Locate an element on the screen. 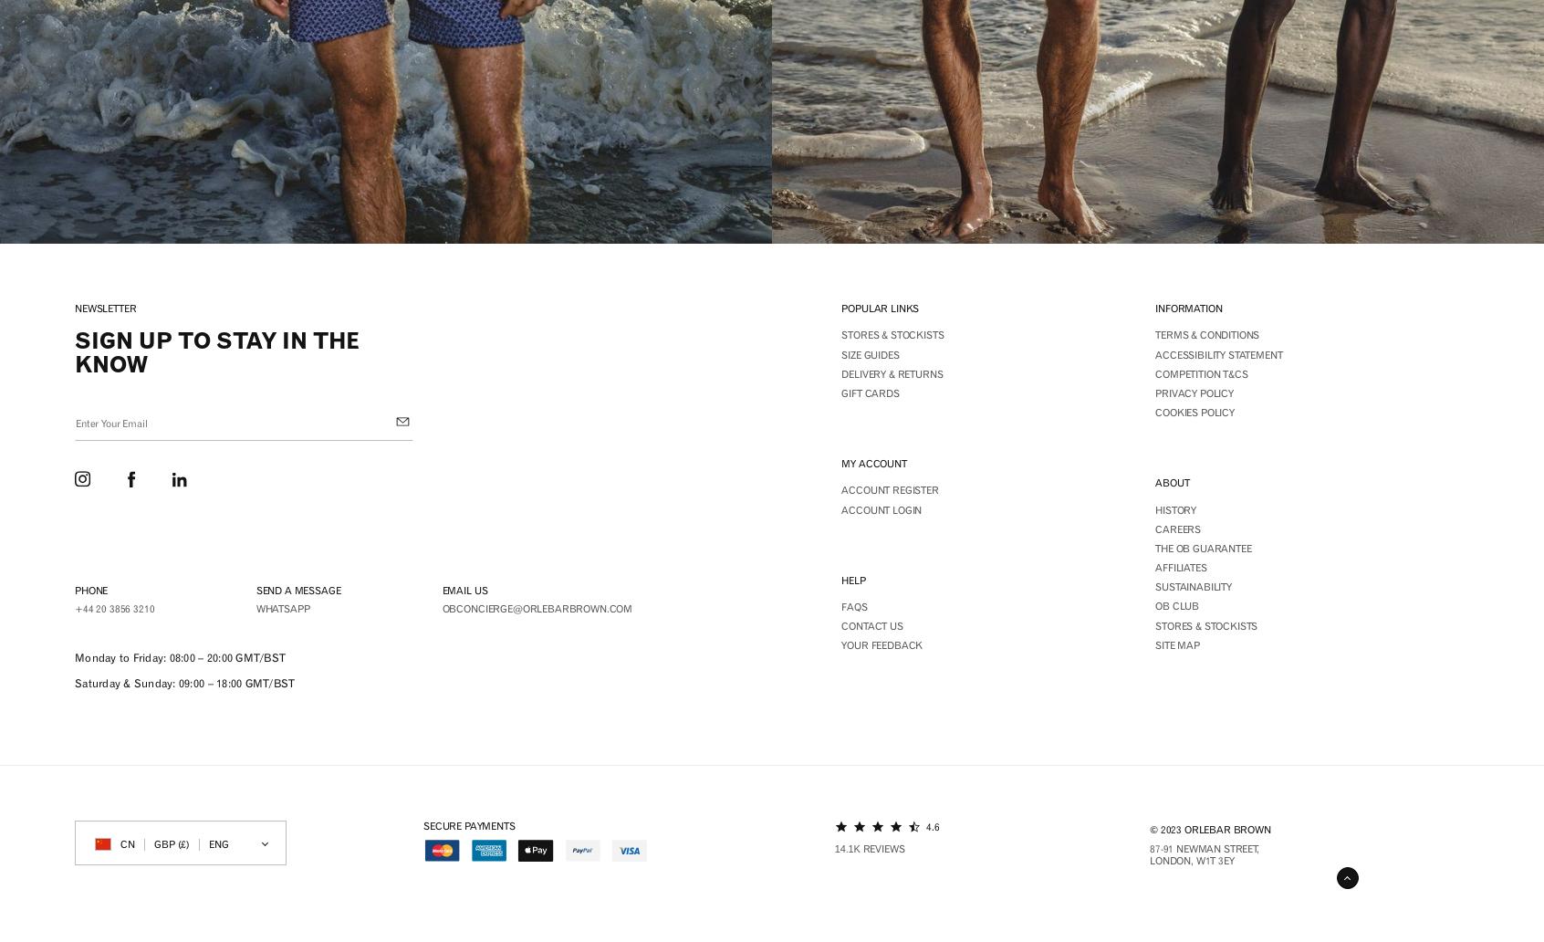 This screenshot has width=1544, height=942. 'Secure payments' is located at coordinates (469, 824).